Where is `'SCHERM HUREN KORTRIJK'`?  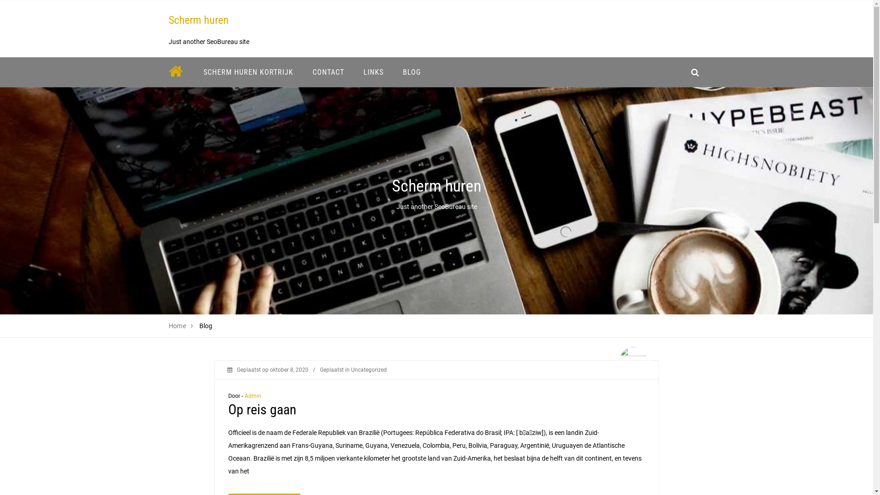
'SCHERM HUREN KORTRIJK' is located at coordinates (248, 71).